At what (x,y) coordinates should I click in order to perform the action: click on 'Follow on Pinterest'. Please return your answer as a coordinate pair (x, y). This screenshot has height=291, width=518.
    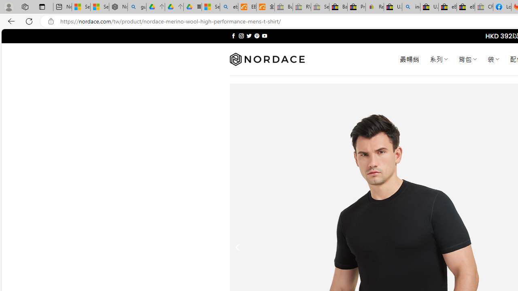
    Looking at the image, I should click on (256, 36).